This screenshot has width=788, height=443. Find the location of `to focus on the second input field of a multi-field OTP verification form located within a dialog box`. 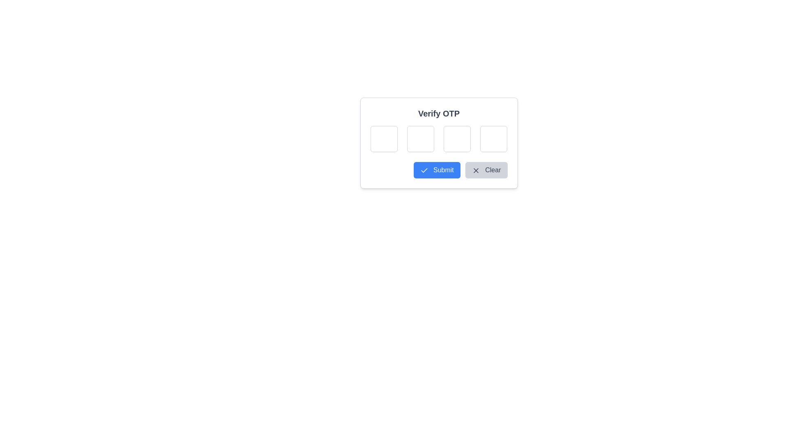

to focus on the second input field of a multi-field OTP verification form located within a dialog box is located at coordinates (420, 139).